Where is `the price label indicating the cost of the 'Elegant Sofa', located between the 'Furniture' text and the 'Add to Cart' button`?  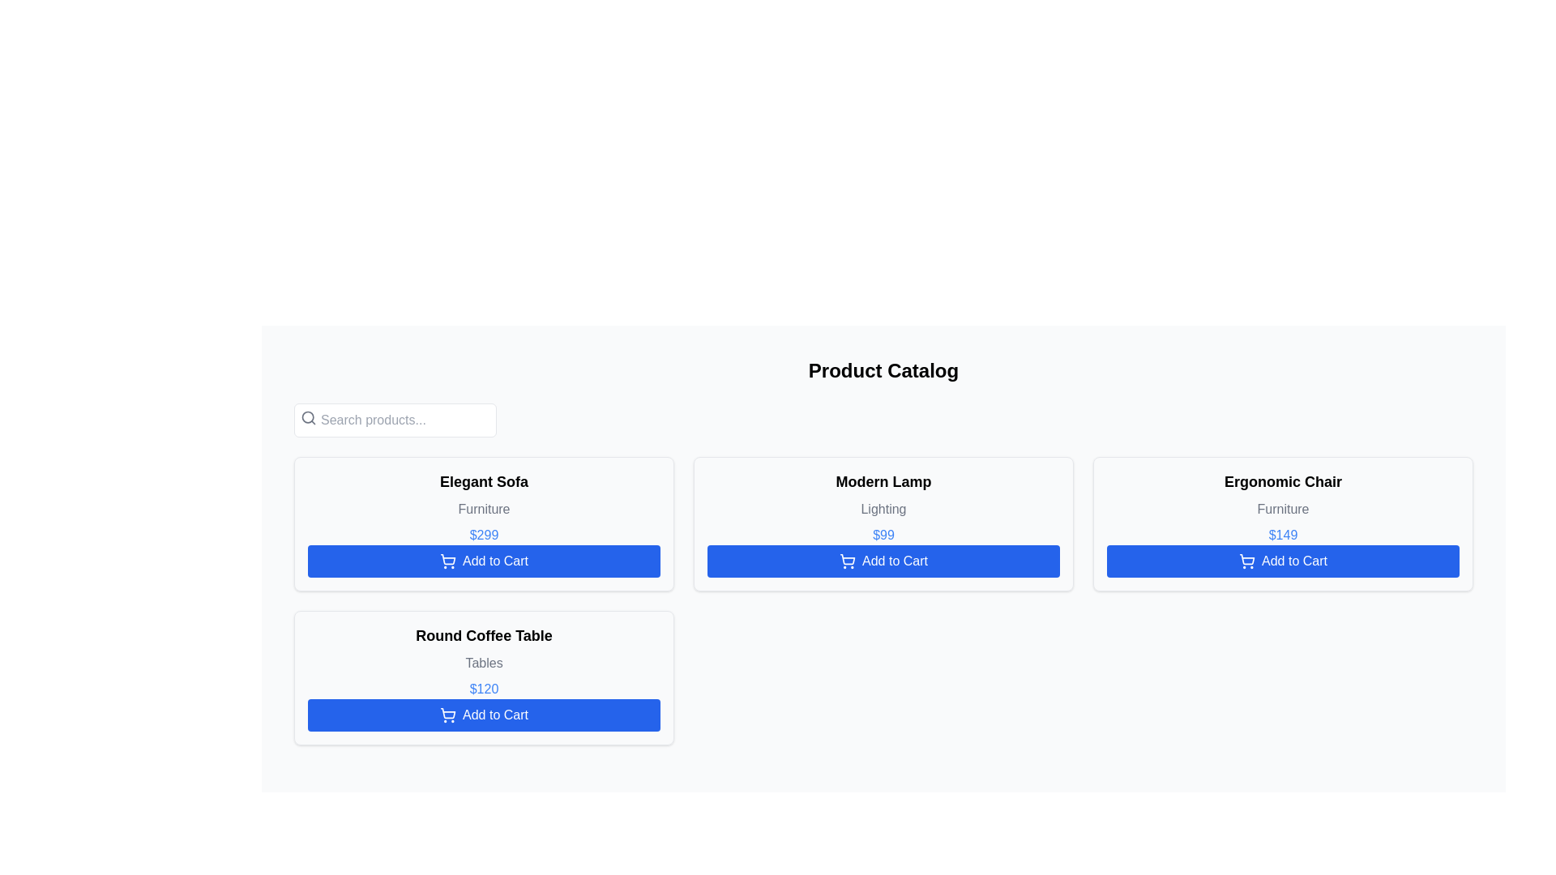
the price label indicating the cost of the 'Elegant Sofa', located between the 'Furniture' text and the 'Add to Cart' button is located at coordinates (483, 535).